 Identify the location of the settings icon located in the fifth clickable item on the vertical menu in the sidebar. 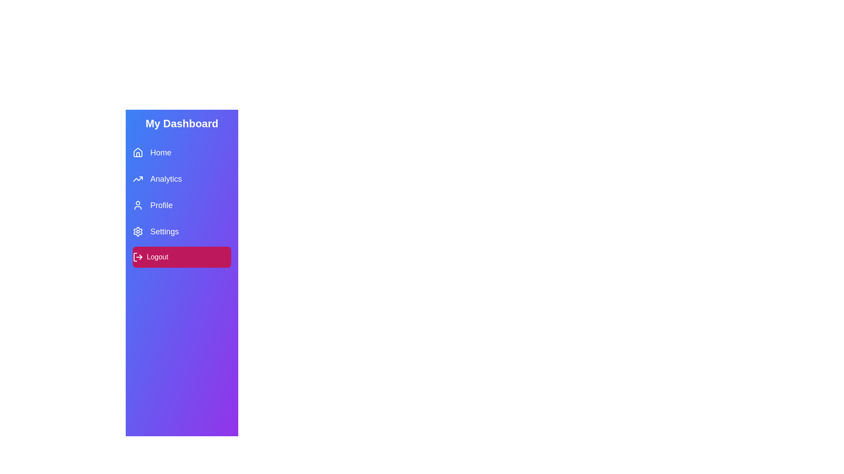
(137, 231).